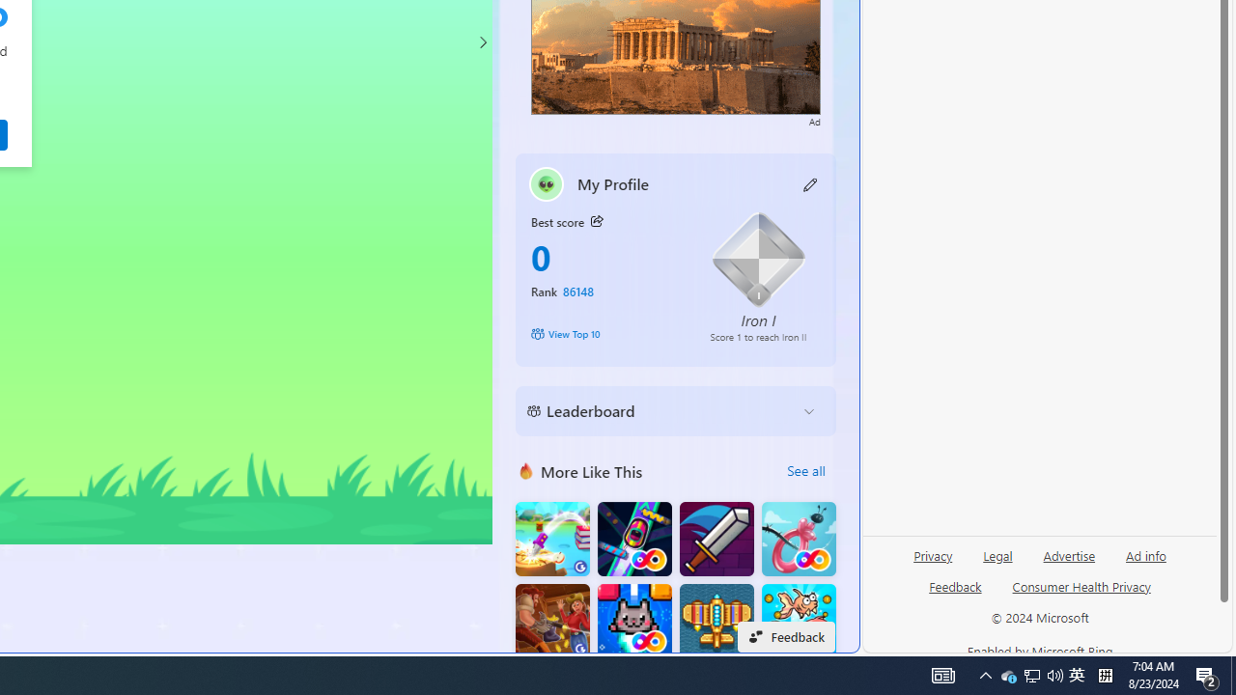 The width and height of the screenshot is (1236, 695). I want to click on 'Knife Flip', so click(551, 539).